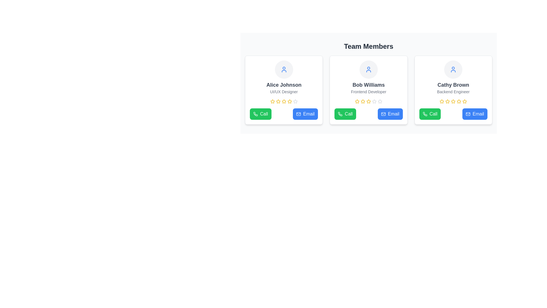 The image size is (547, 308). I want to click on the second star icon in the row under the 'Bob Williams' card to rate it, so click(368, 101).